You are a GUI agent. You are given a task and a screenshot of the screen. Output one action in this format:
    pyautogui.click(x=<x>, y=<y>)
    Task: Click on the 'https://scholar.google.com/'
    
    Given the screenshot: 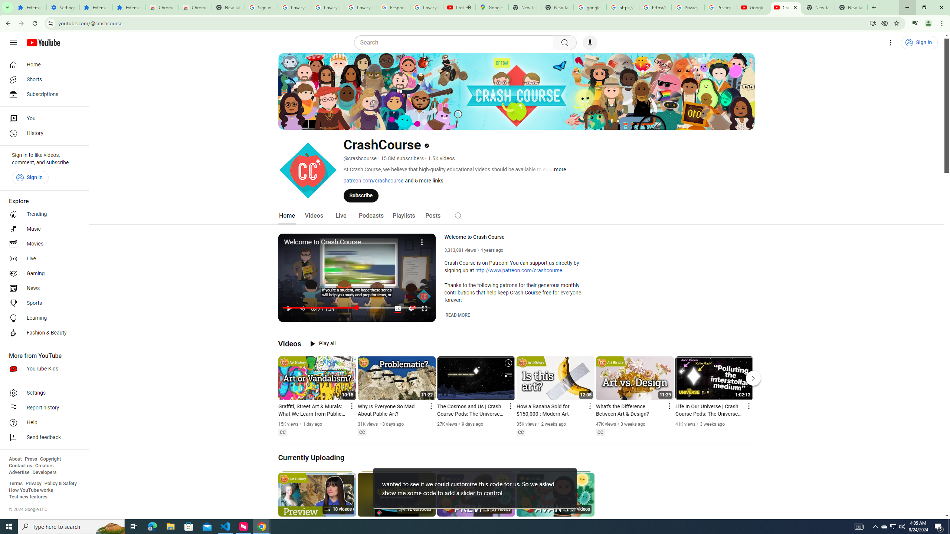 What is the action you would take?
    pyautogui.click(x=655, y=7)
    